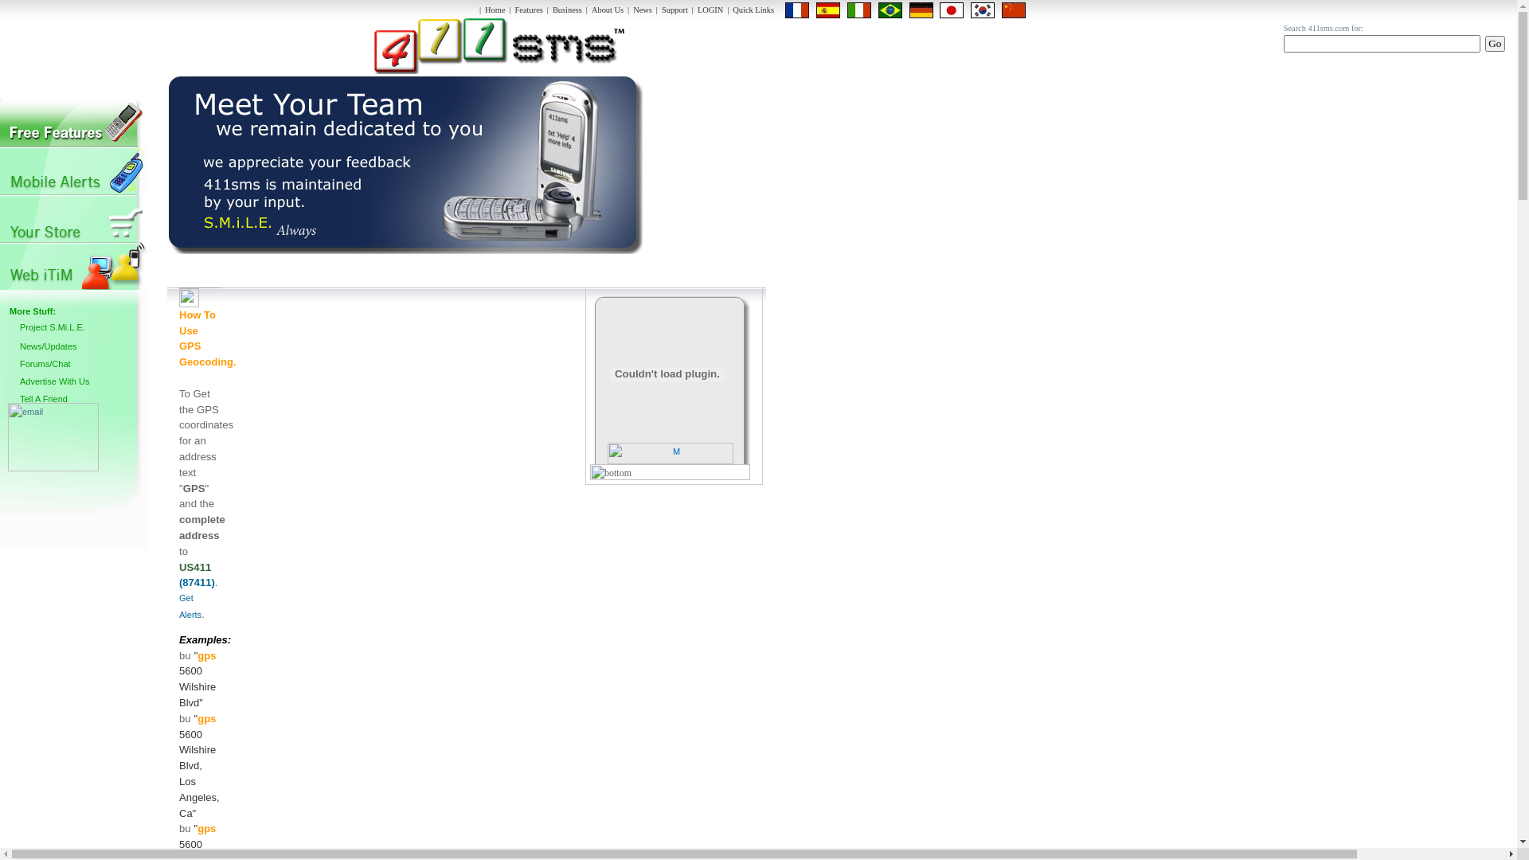 Image resolution: width=1529 pixels, height=860 pixels. Describe the element at coordinates (83, 346) in the screenshot. I see `'News/Updates'` at that location.